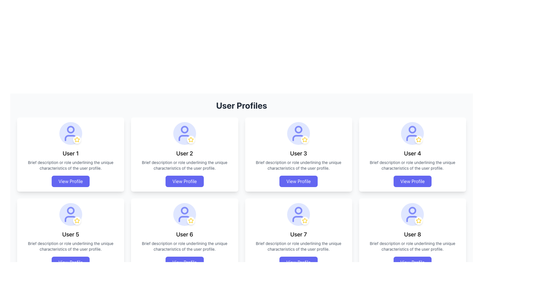 Image resolution: width=548 pixels, height=308 pixels. I want to click on the user profile picture icon with a star in the bottom-right, located in the card labeled 'User 6' in the second row and third column, so click(184, 214).